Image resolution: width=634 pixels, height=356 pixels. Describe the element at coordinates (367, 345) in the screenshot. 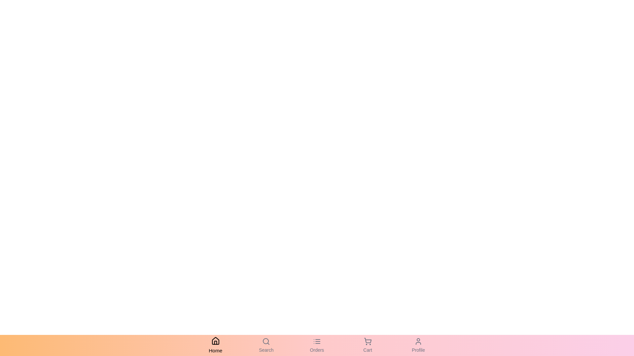

I see `the Cart tab by clicking on it` at that location.